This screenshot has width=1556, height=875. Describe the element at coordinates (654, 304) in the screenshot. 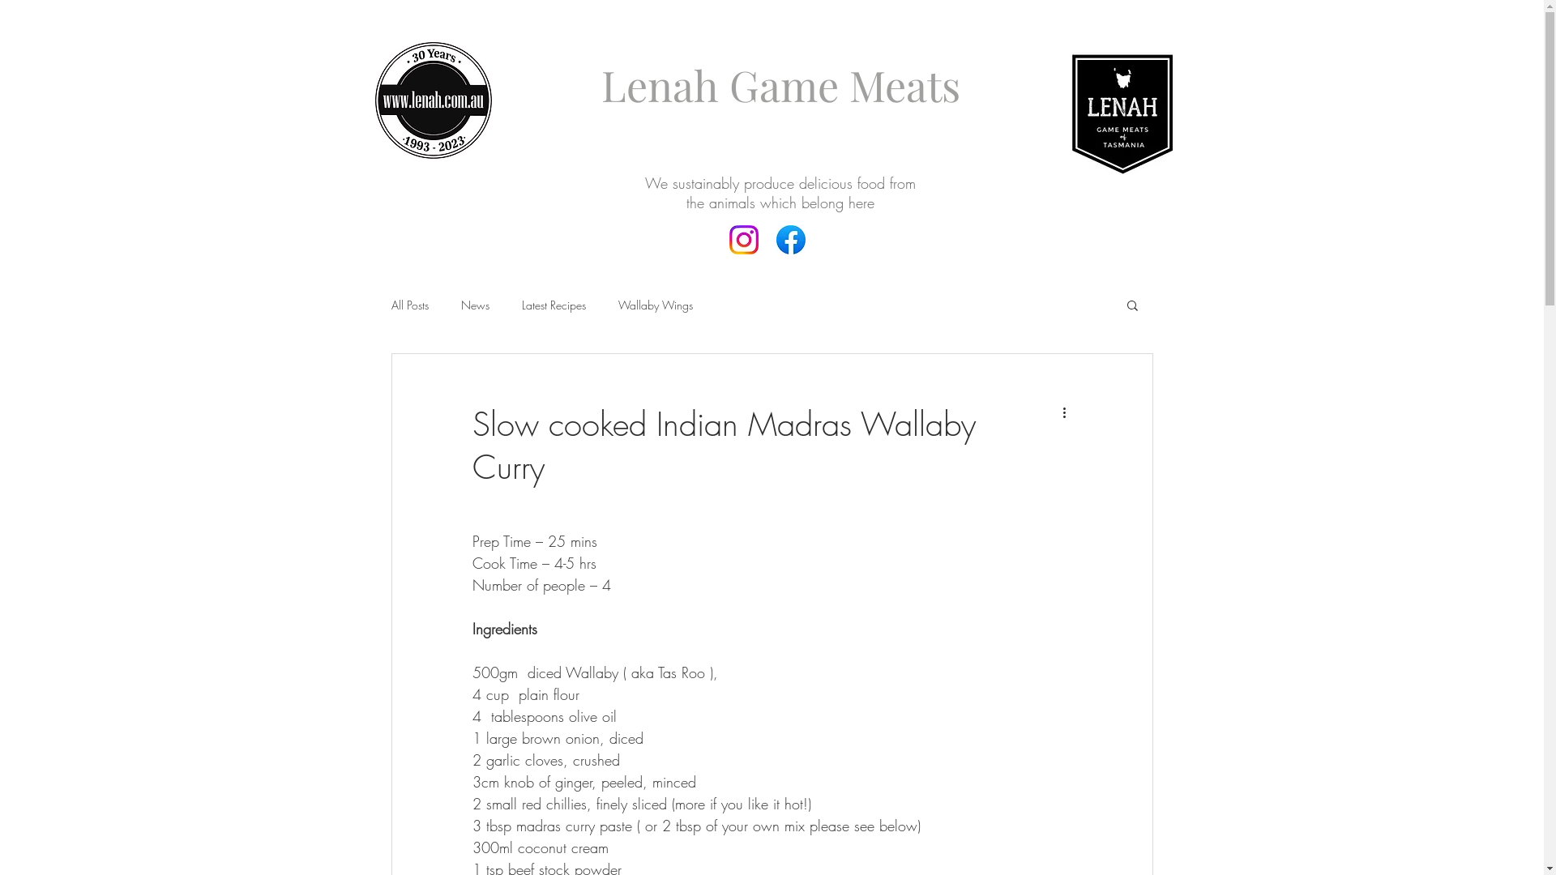

I see `'Wallaby Wings'` at that location.